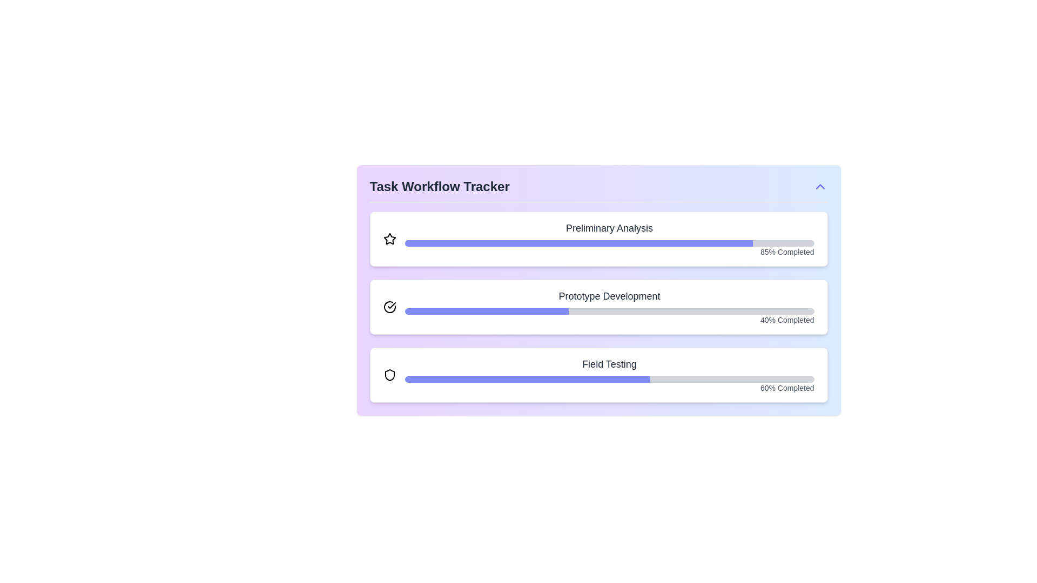  What do you see at coordinates (389, 374) in the screenshot?
I see `the shield icon representing protection, located next to the progress bar and label 'Field Testing' within the 'Task Workflow Tracker' section` at bounding box center [389, 374].